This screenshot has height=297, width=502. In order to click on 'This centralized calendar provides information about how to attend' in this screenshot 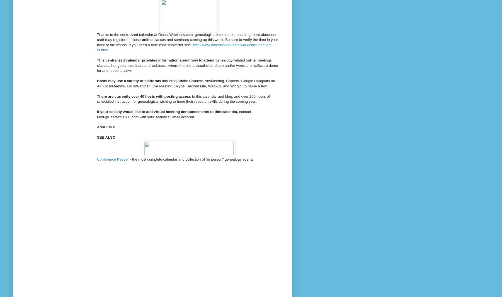, I will do `click(156, 60)`.